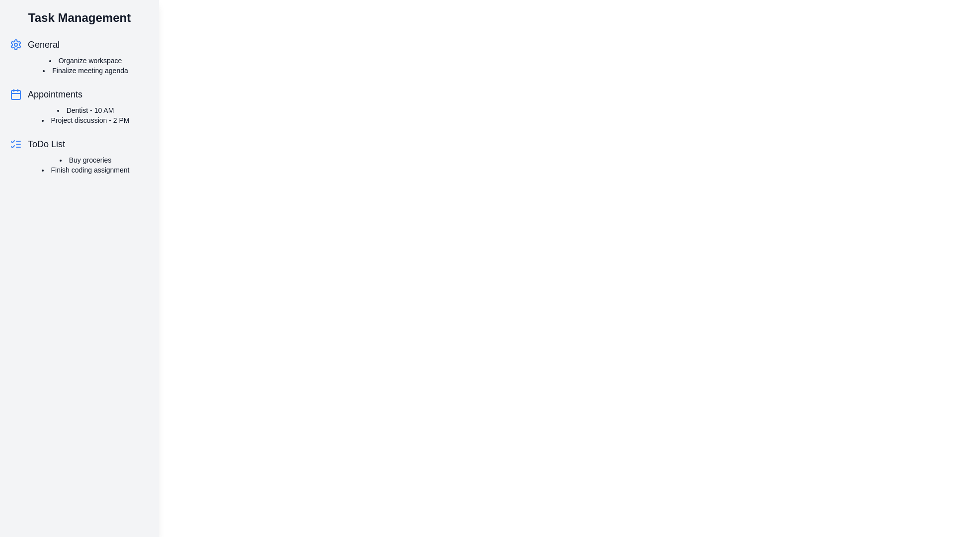 Image resolution: width=954 pixels, height=537 pixels. What do you see at coordinates (85, 61) in the screenshot?
I see `the task text Organize workspace to open the task` at bounding box center [85, 61].